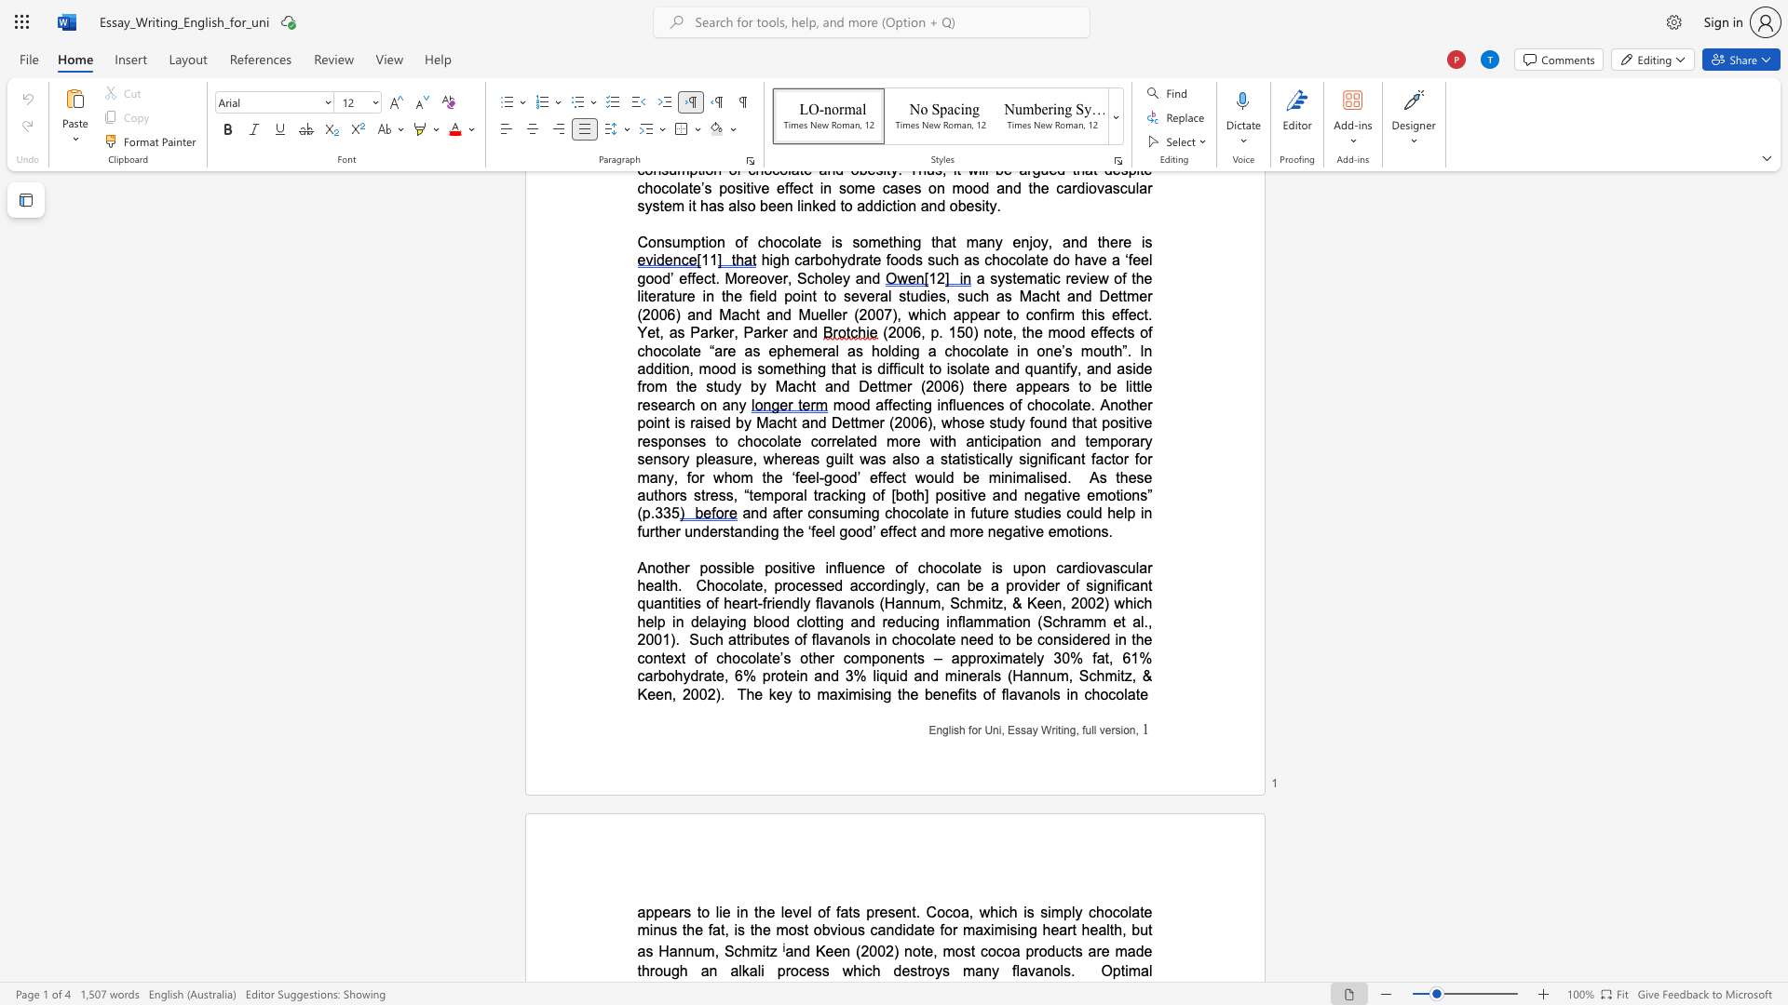 Image resolution: width=1788 pixels, height=1005 pixels. What do you see at coordinates (933, 567) in the screenshot?
I see `the space between the continuous character "h" and "o" in the text` at bounding box center [933, 567].